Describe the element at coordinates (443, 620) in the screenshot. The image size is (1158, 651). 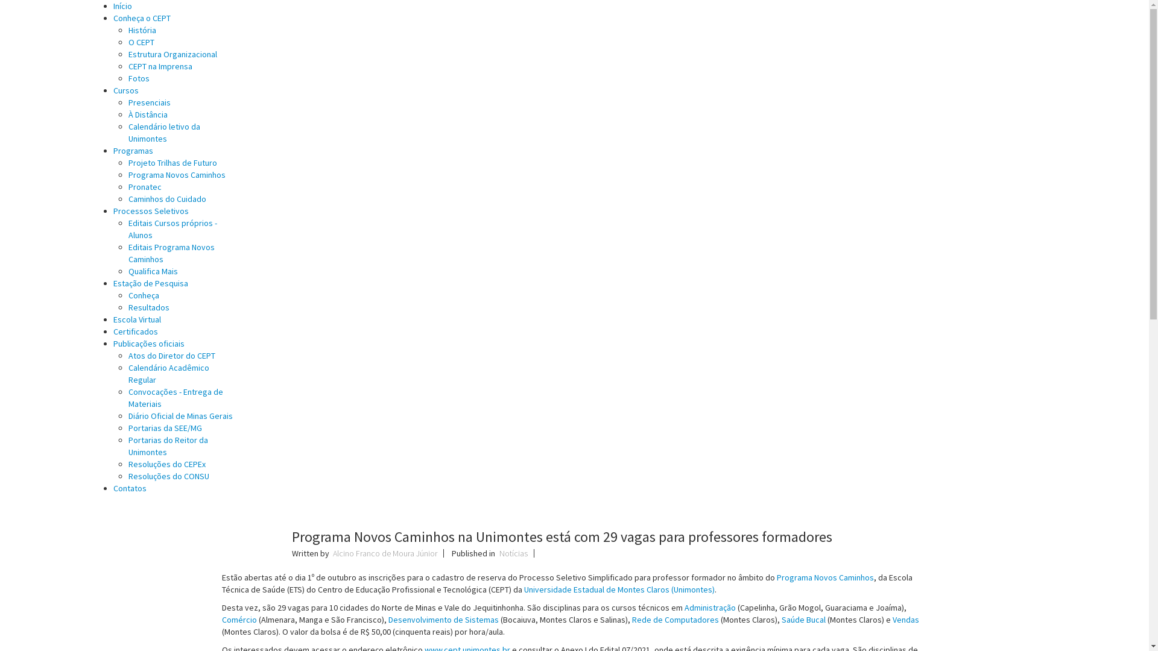
I see `'Desenvolvimento de Sistemas'` at that location.